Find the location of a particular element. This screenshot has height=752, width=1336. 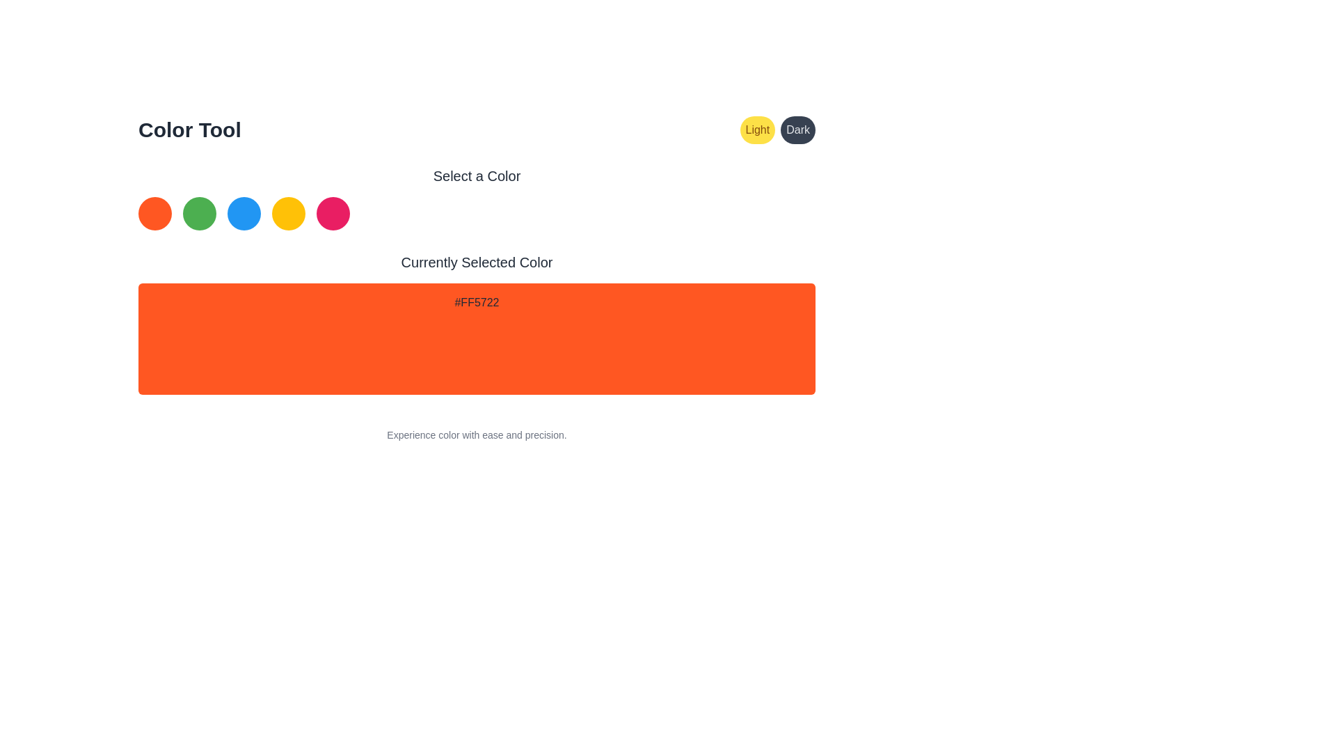

the fifth circular button from the left that allows users to select a magenta color is located at coordinates (333, 214).